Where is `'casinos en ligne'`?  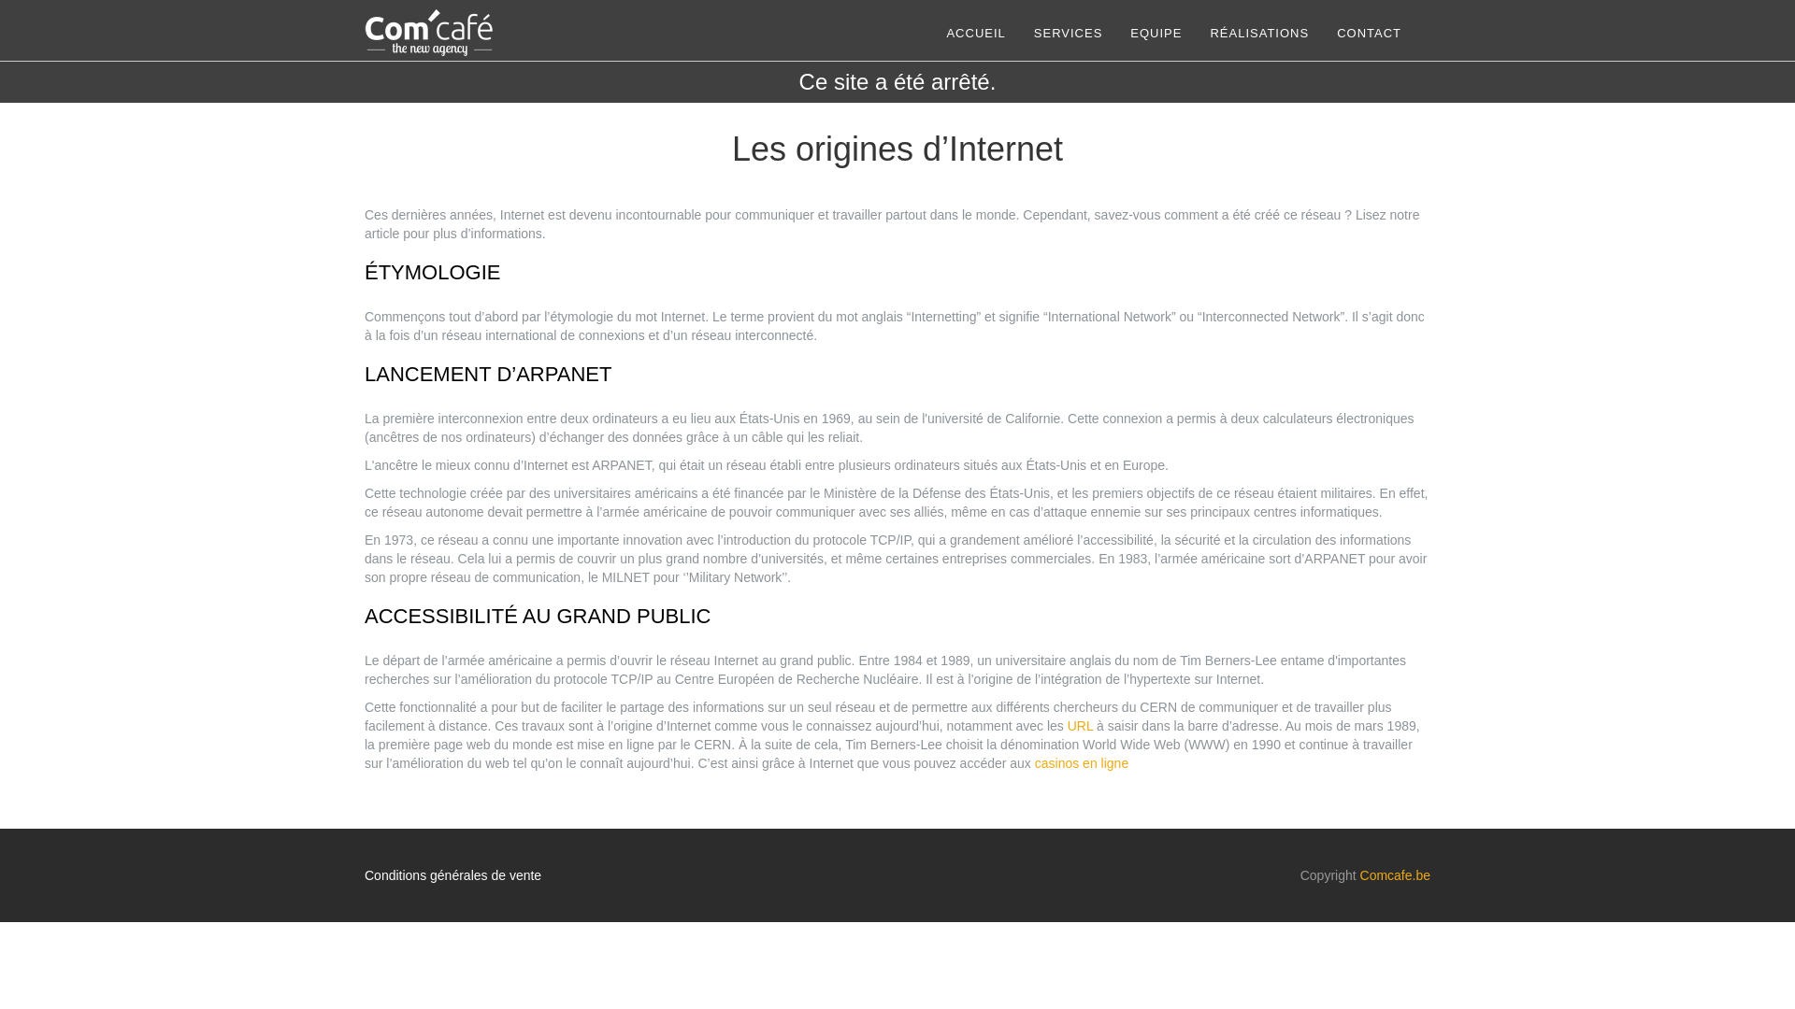
'casinos en ligne' is located at coordinates (1081, 763).